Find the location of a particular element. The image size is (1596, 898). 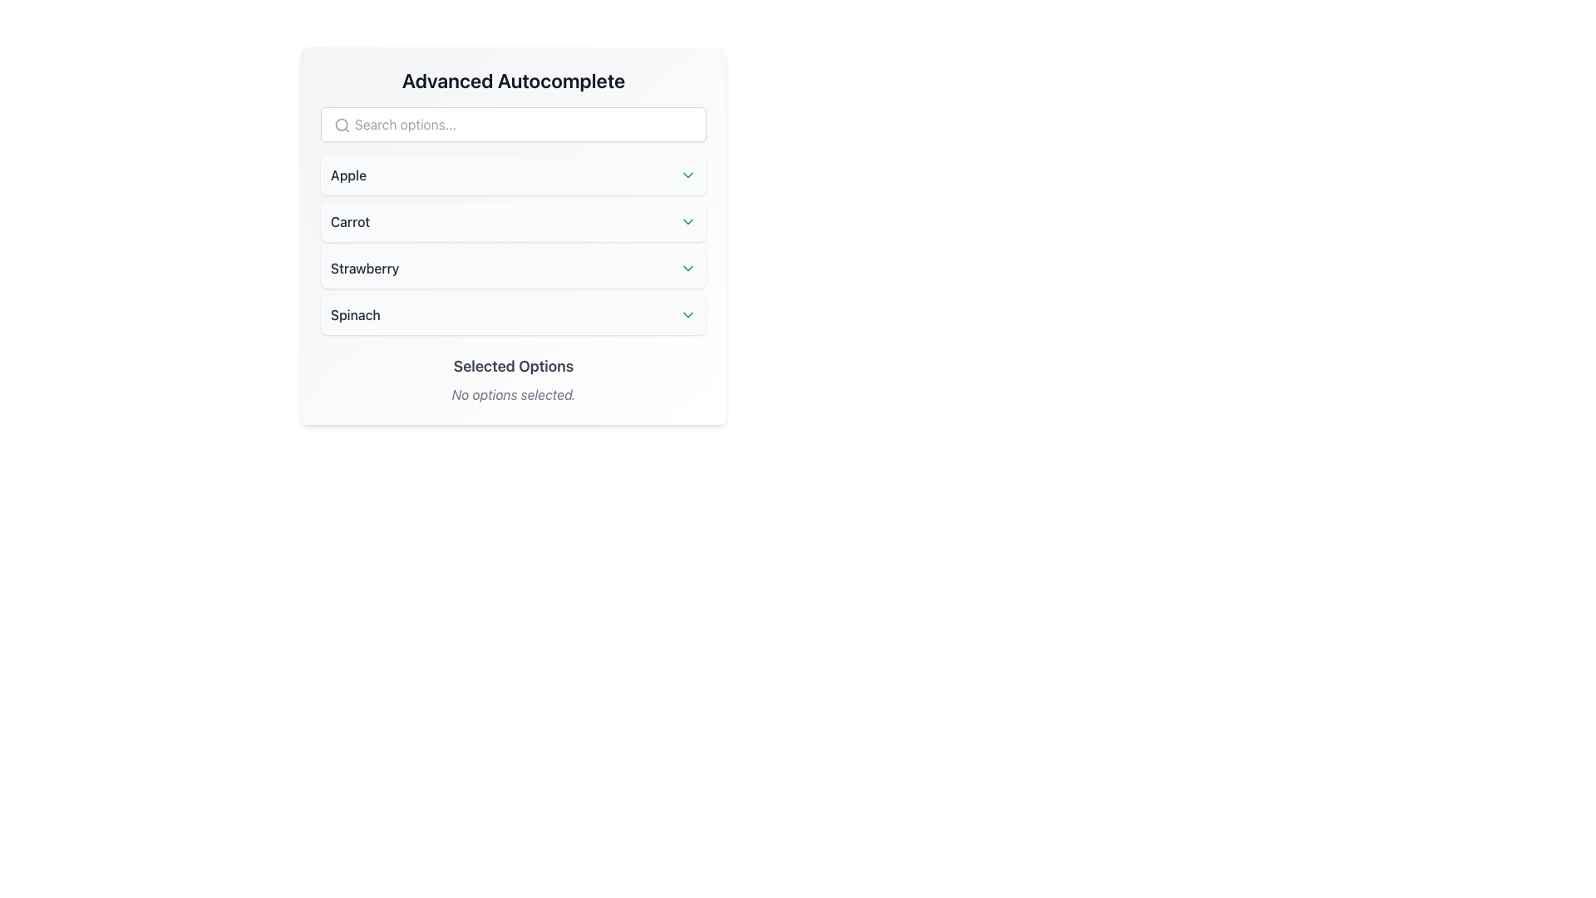

to select the List Item element labeled 'Carrot', which is the second item in a vertical list of items including 'Apple', 'Strawberry', and 'Spinach' is located at coordinates (513, 220).